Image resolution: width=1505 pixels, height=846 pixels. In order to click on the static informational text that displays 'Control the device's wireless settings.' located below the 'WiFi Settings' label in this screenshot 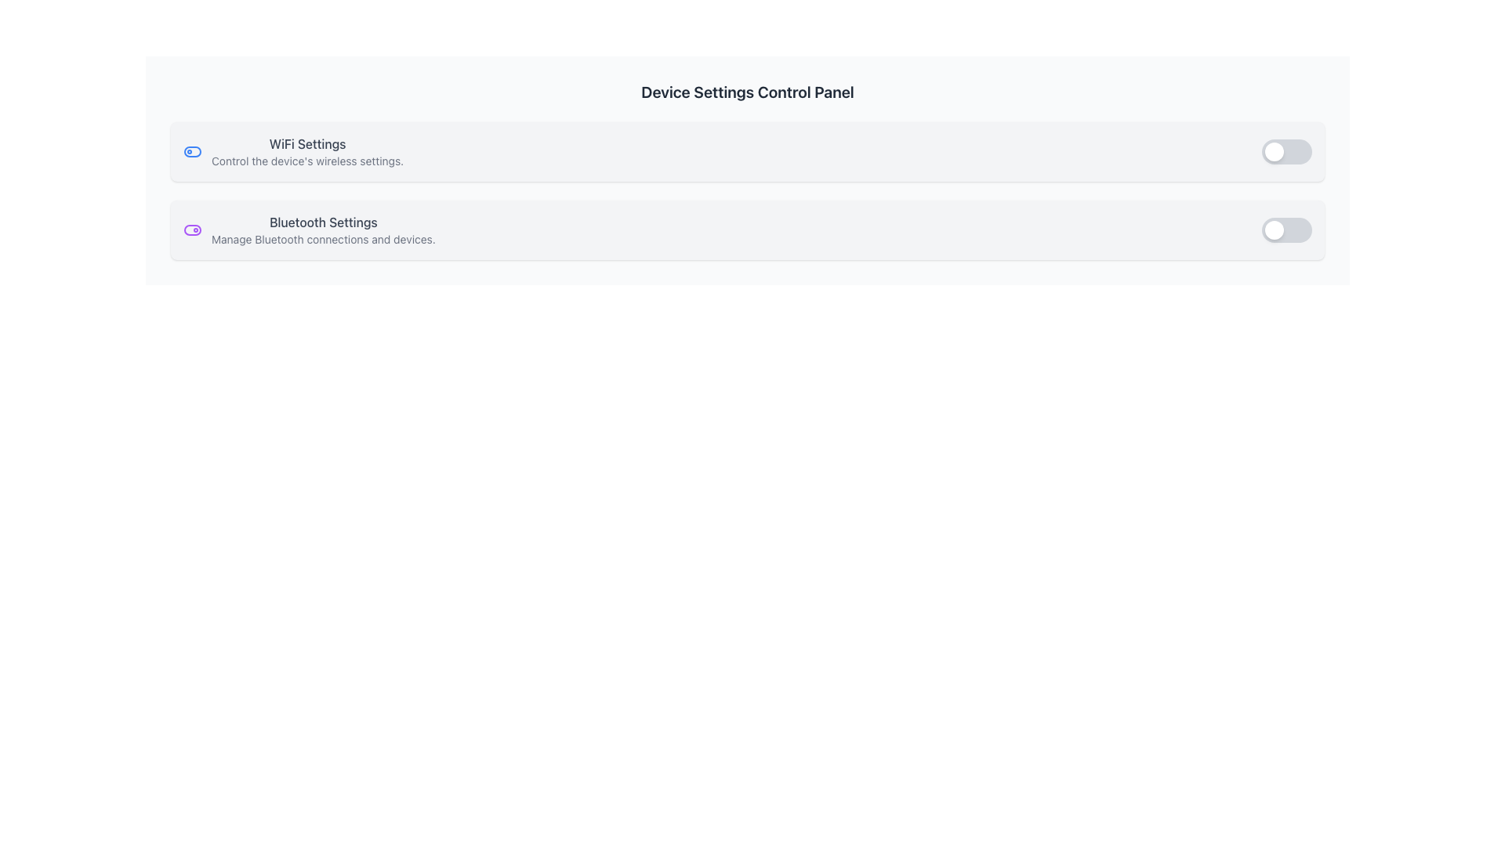, I will do `click(307, 161)`.